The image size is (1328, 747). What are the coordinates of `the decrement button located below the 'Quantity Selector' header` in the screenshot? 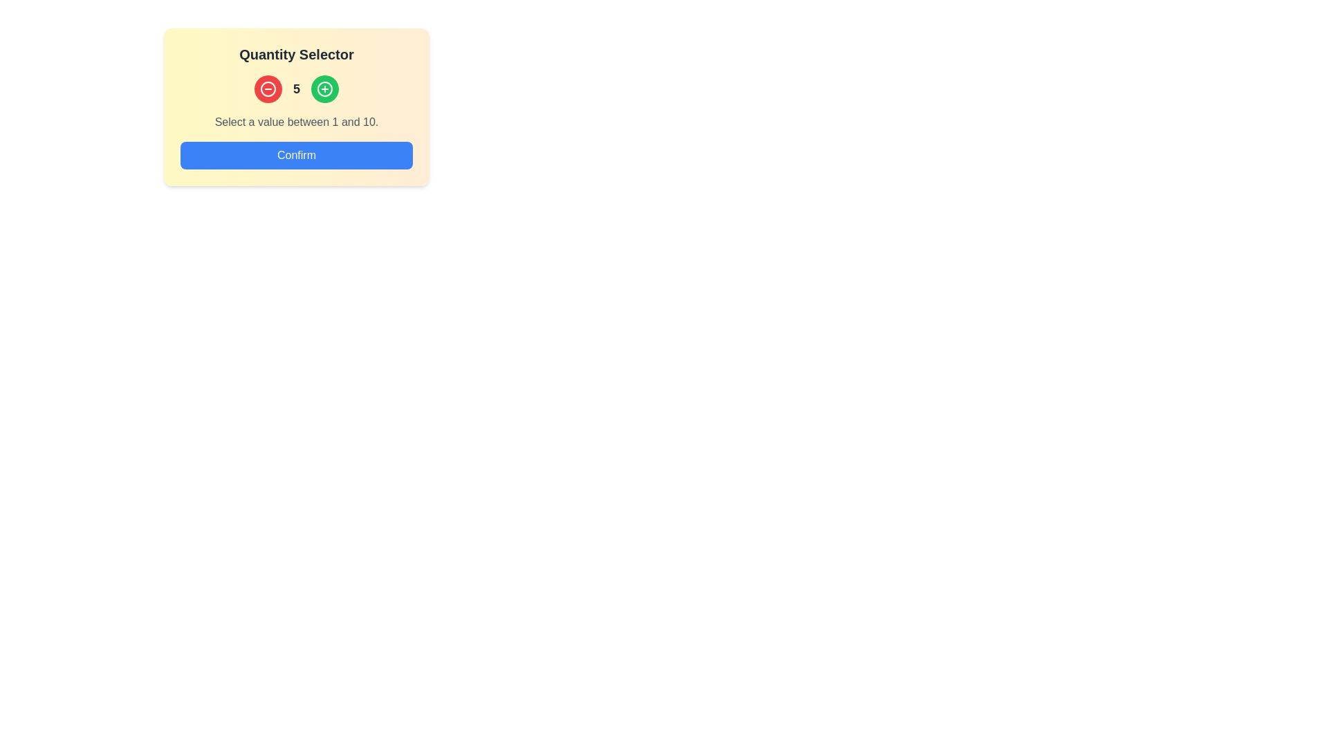 It's located at (268, 89).